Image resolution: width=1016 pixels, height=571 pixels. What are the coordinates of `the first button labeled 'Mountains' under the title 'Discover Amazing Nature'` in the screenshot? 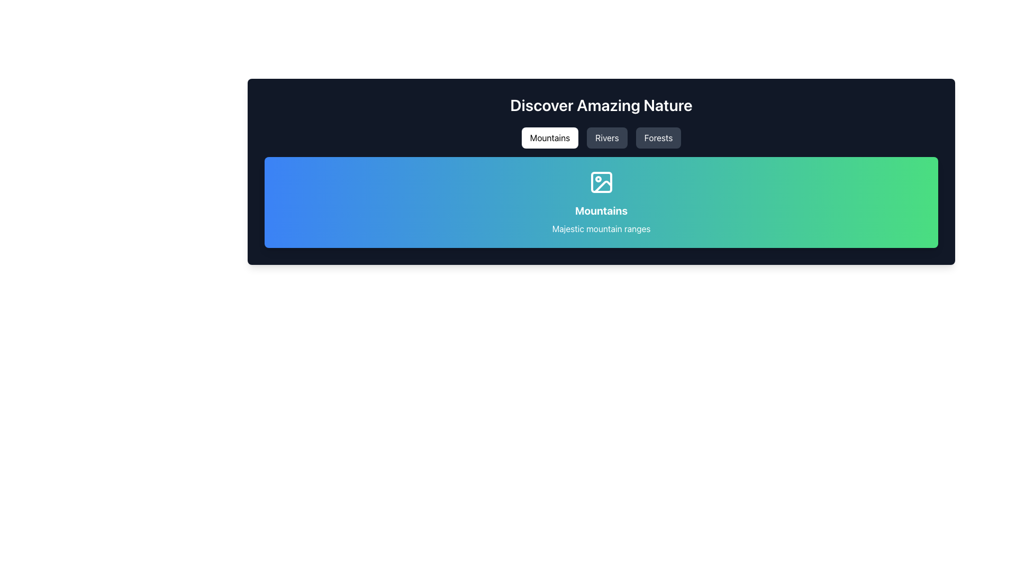 It's located at (550, 137).